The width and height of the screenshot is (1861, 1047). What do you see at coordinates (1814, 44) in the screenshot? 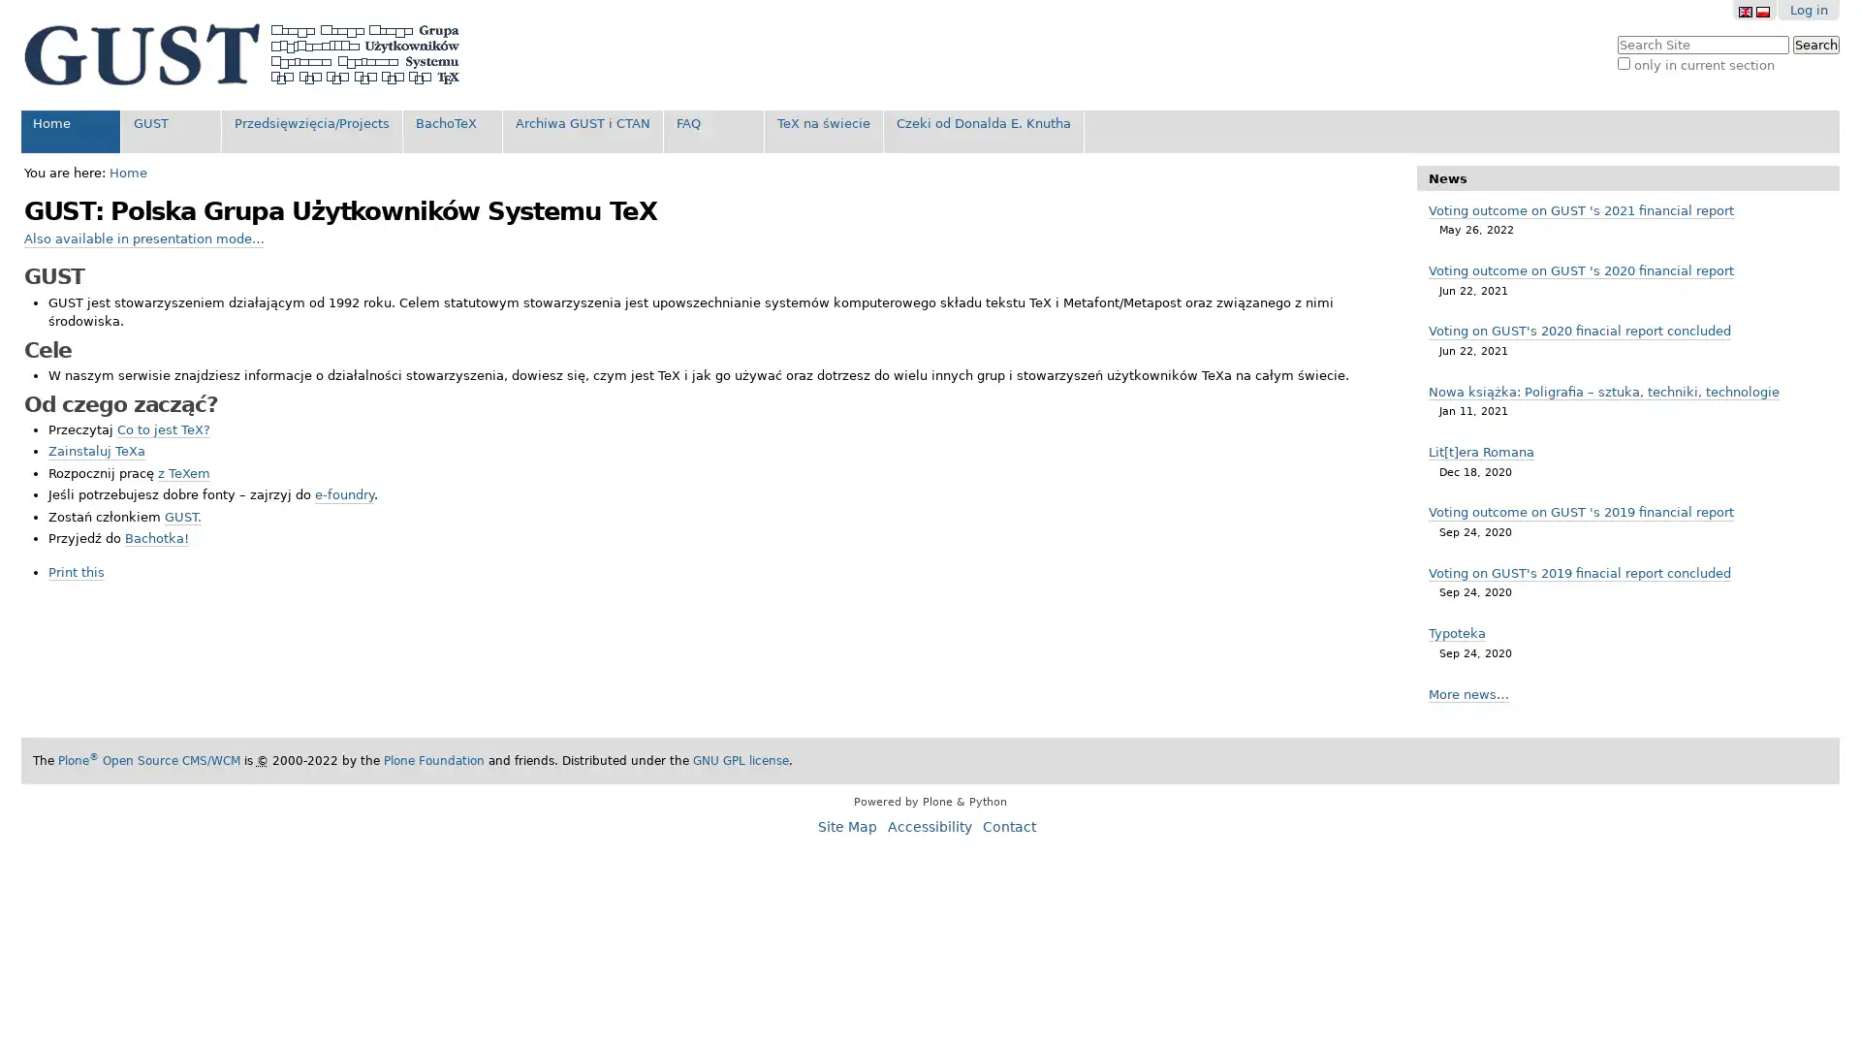
I see `Search` at bounding box center [1814, 44].